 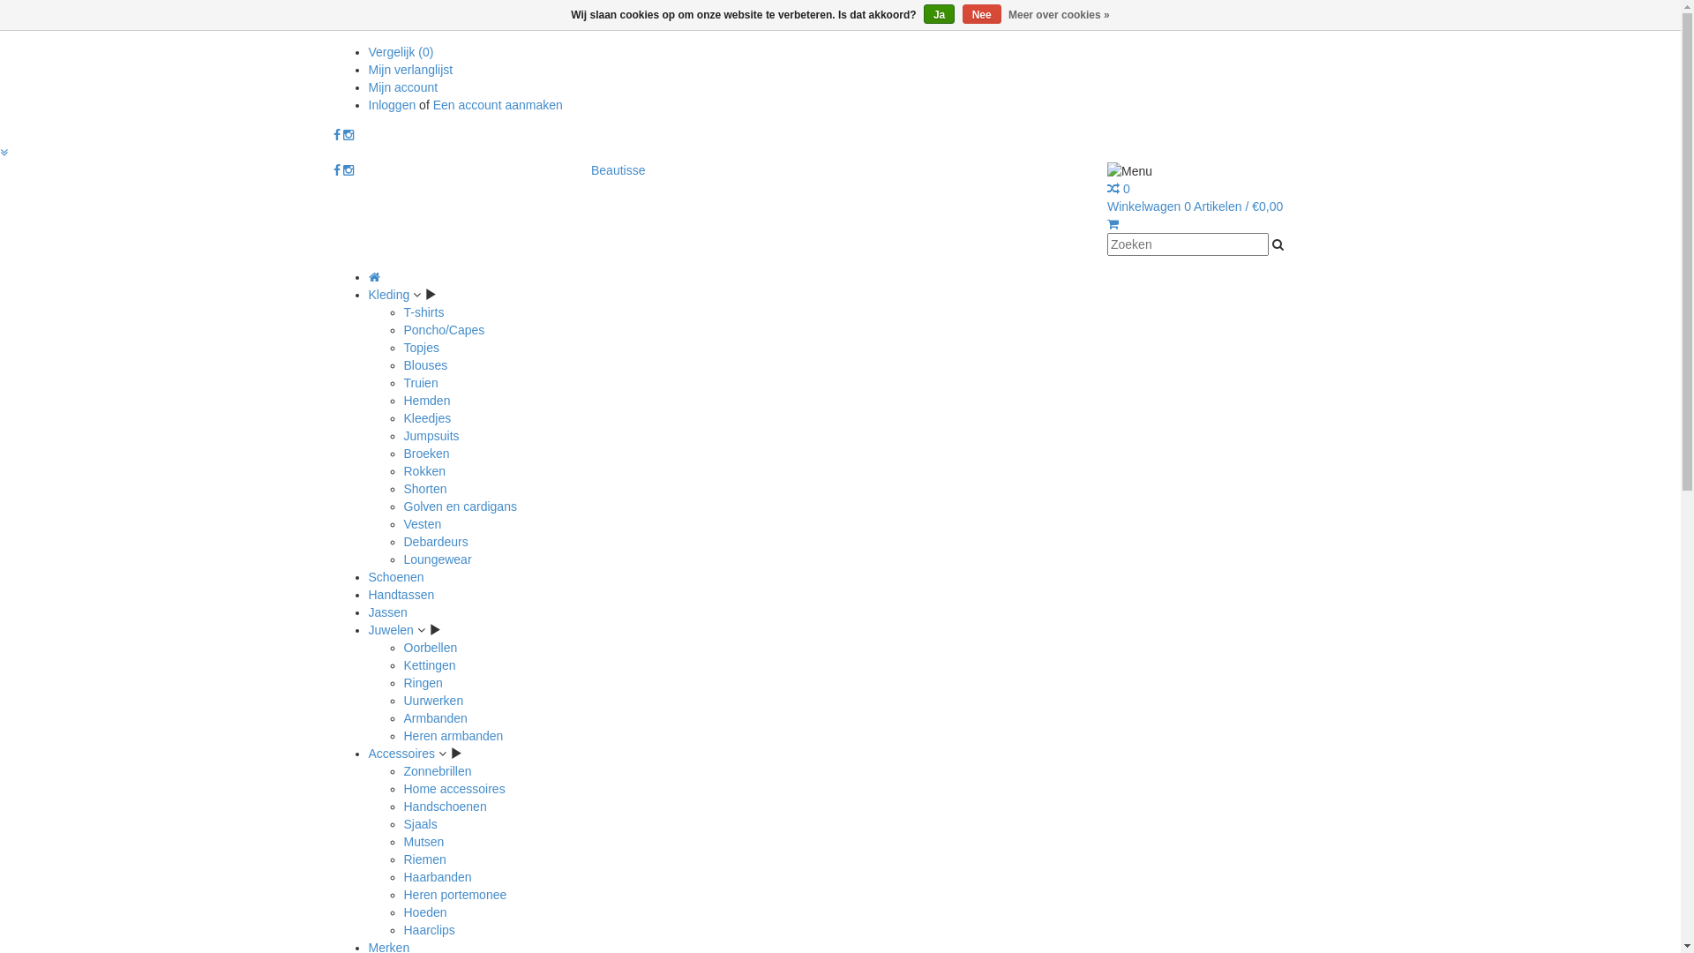 I want to click on 'Handtassen', so click(x=401, y=595).